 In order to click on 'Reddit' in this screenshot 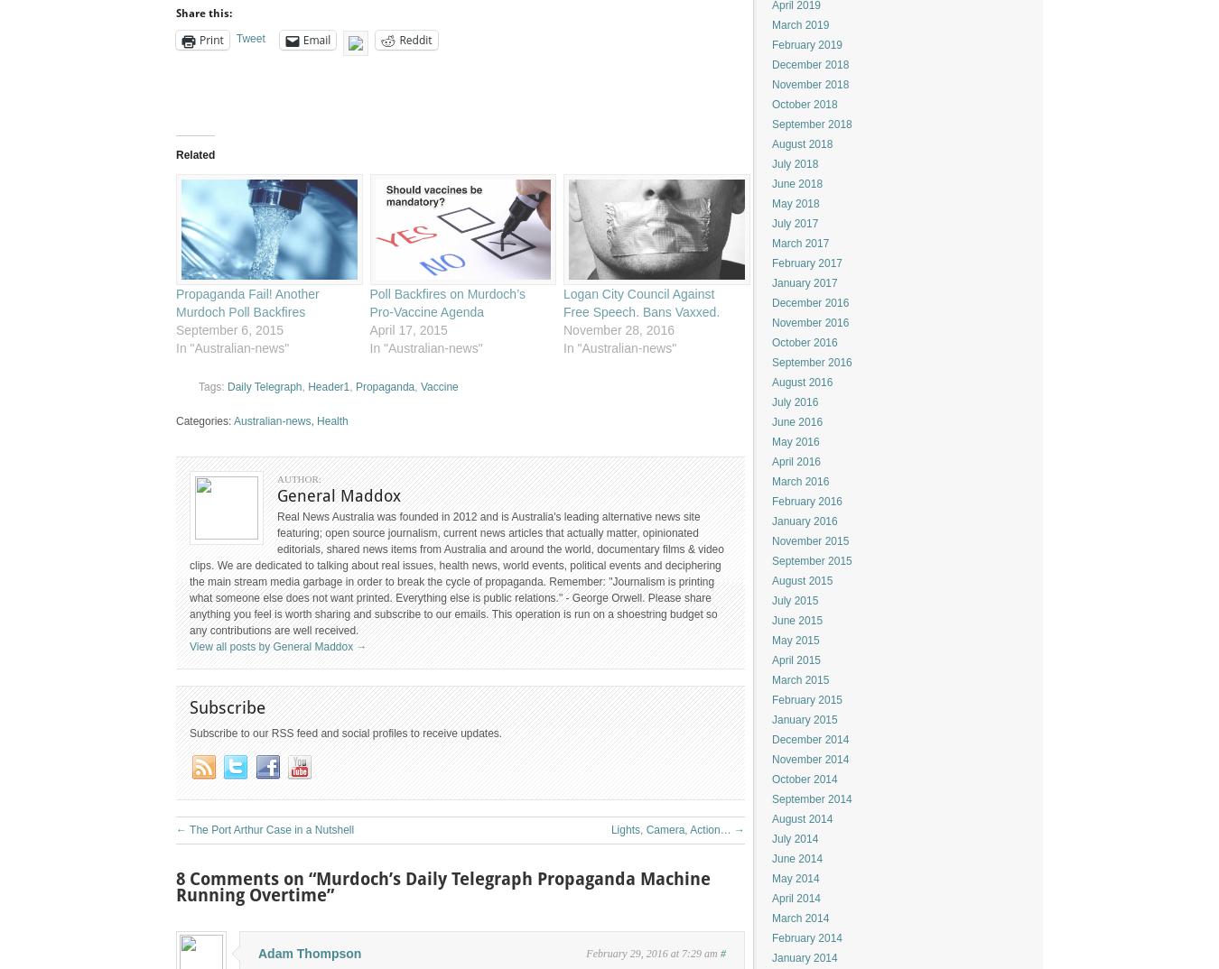, I will do `click(414, 39)`.